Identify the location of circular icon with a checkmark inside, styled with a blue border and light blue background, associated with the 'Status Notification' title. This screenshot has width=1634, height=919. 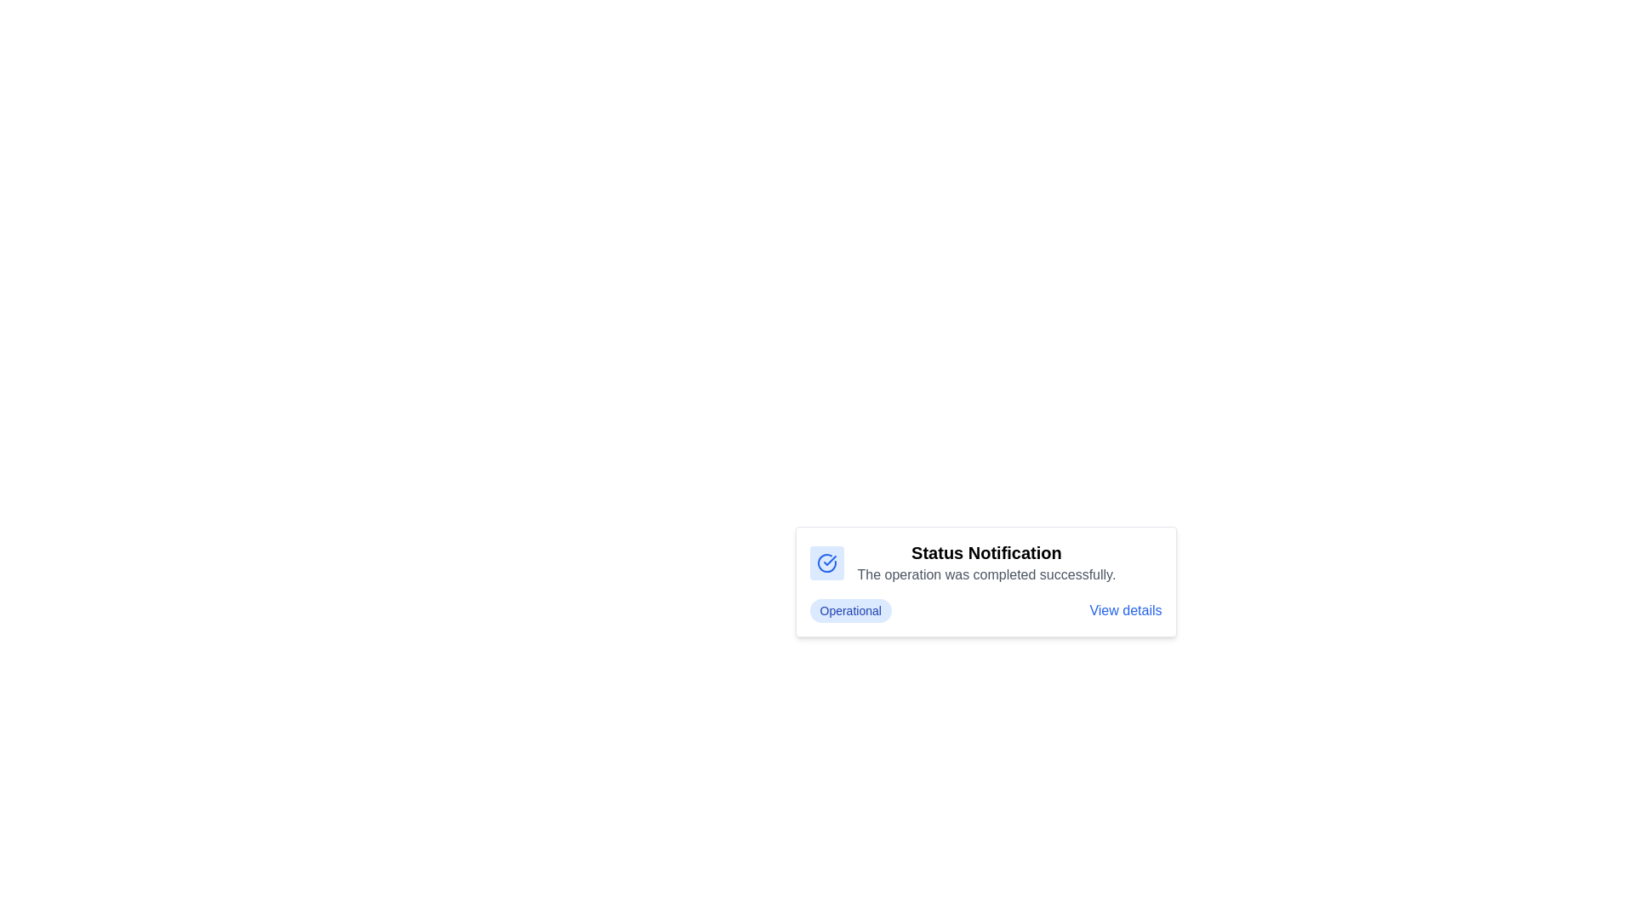
(826, 563).